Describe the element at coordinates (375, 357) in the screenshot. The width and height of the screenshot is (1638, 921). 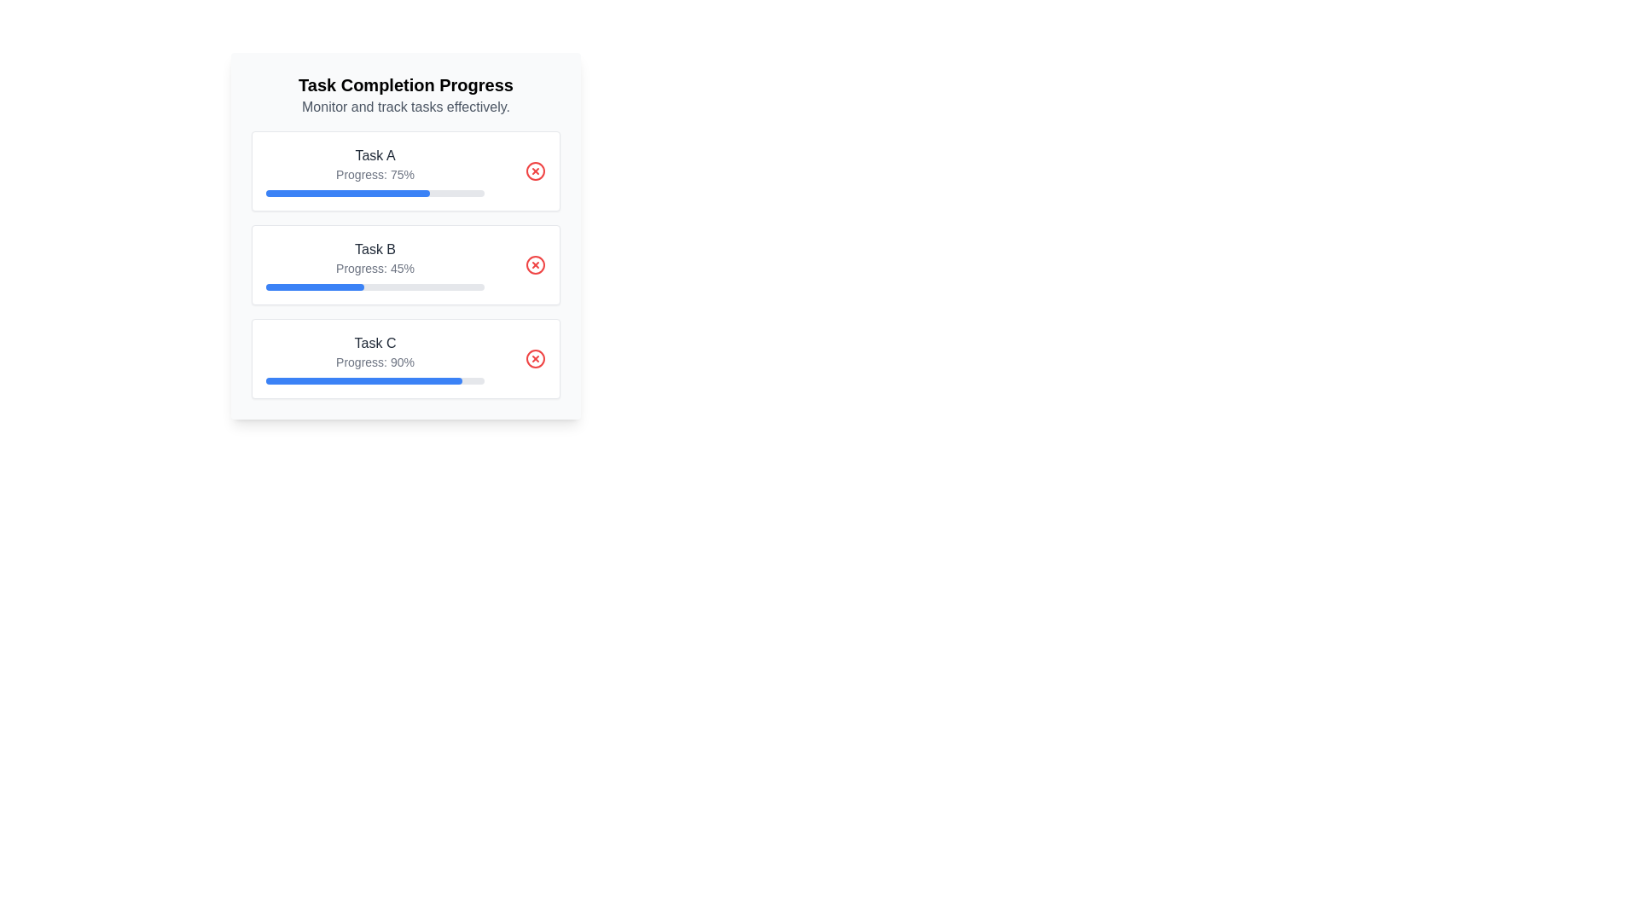
I see `text displayed in the third task progress indicator for 'Task C', which includes both textual information and a graphical progress bar, located below 'Task B'` at that location.